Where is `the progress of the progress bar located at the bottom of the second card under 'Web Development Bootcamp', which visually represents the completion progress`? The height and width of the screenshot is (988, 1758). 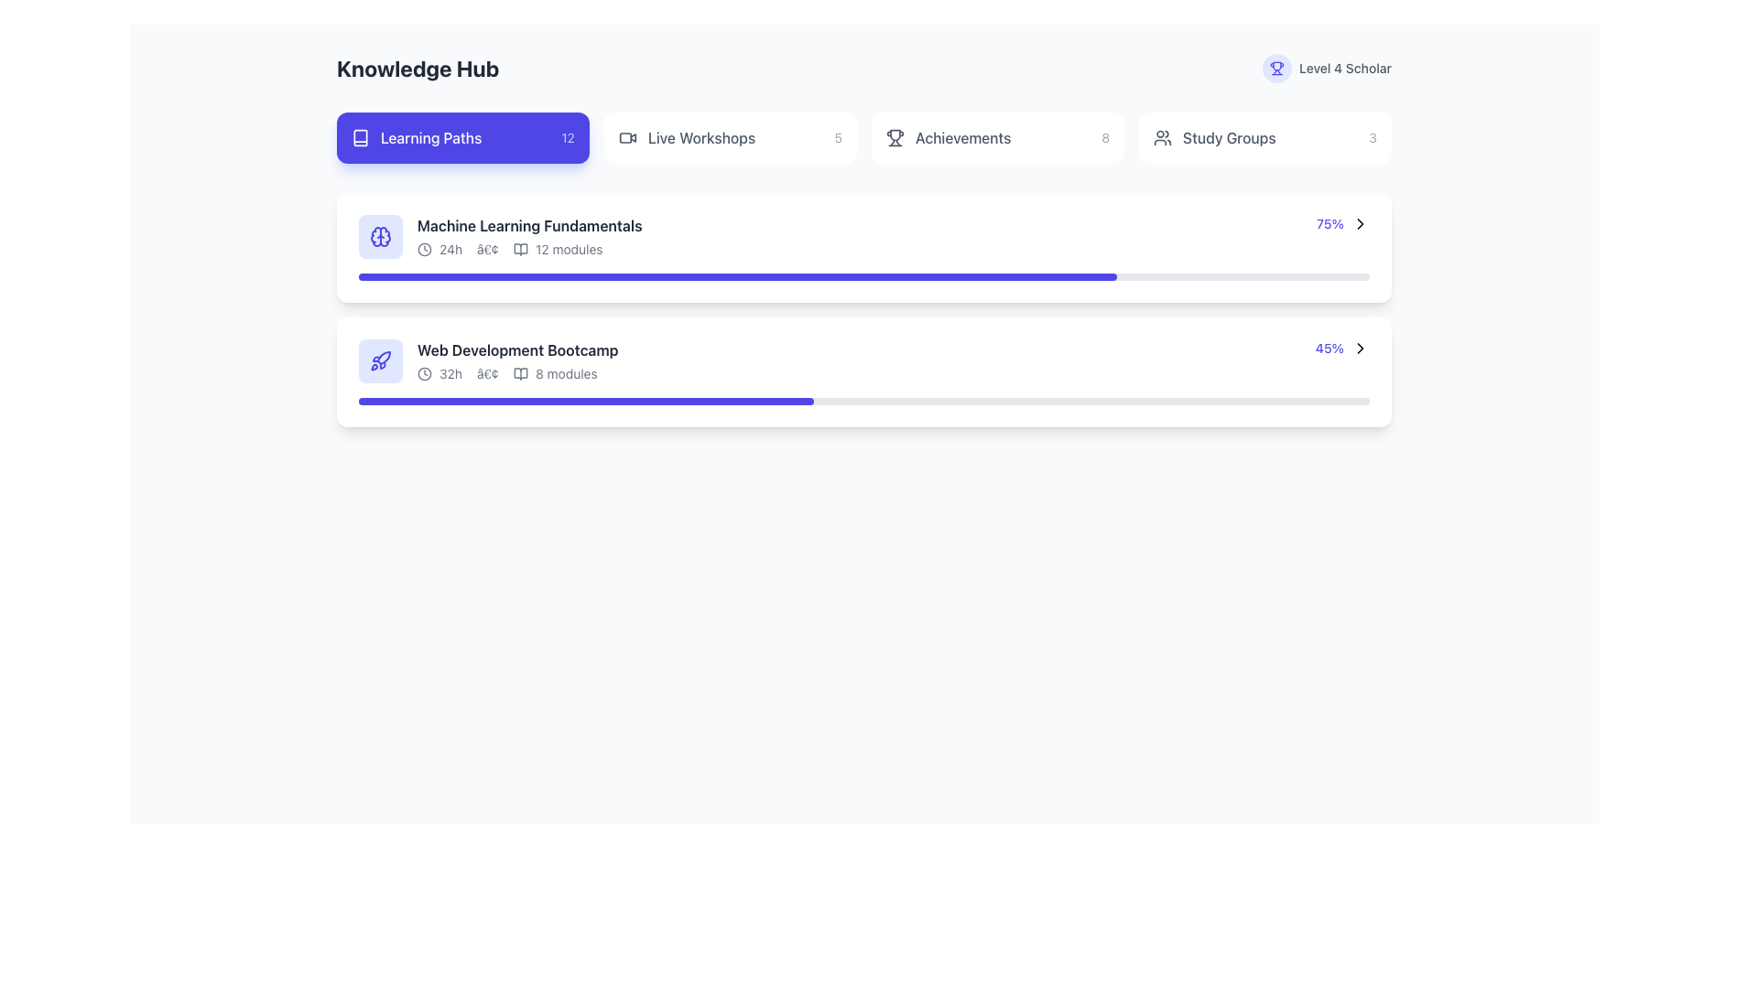
the progress of the progress bar located at the bottom of the second card under 'Web Development Bootcamp', which visually represents the completion progress is located at coordinates (863, 401).